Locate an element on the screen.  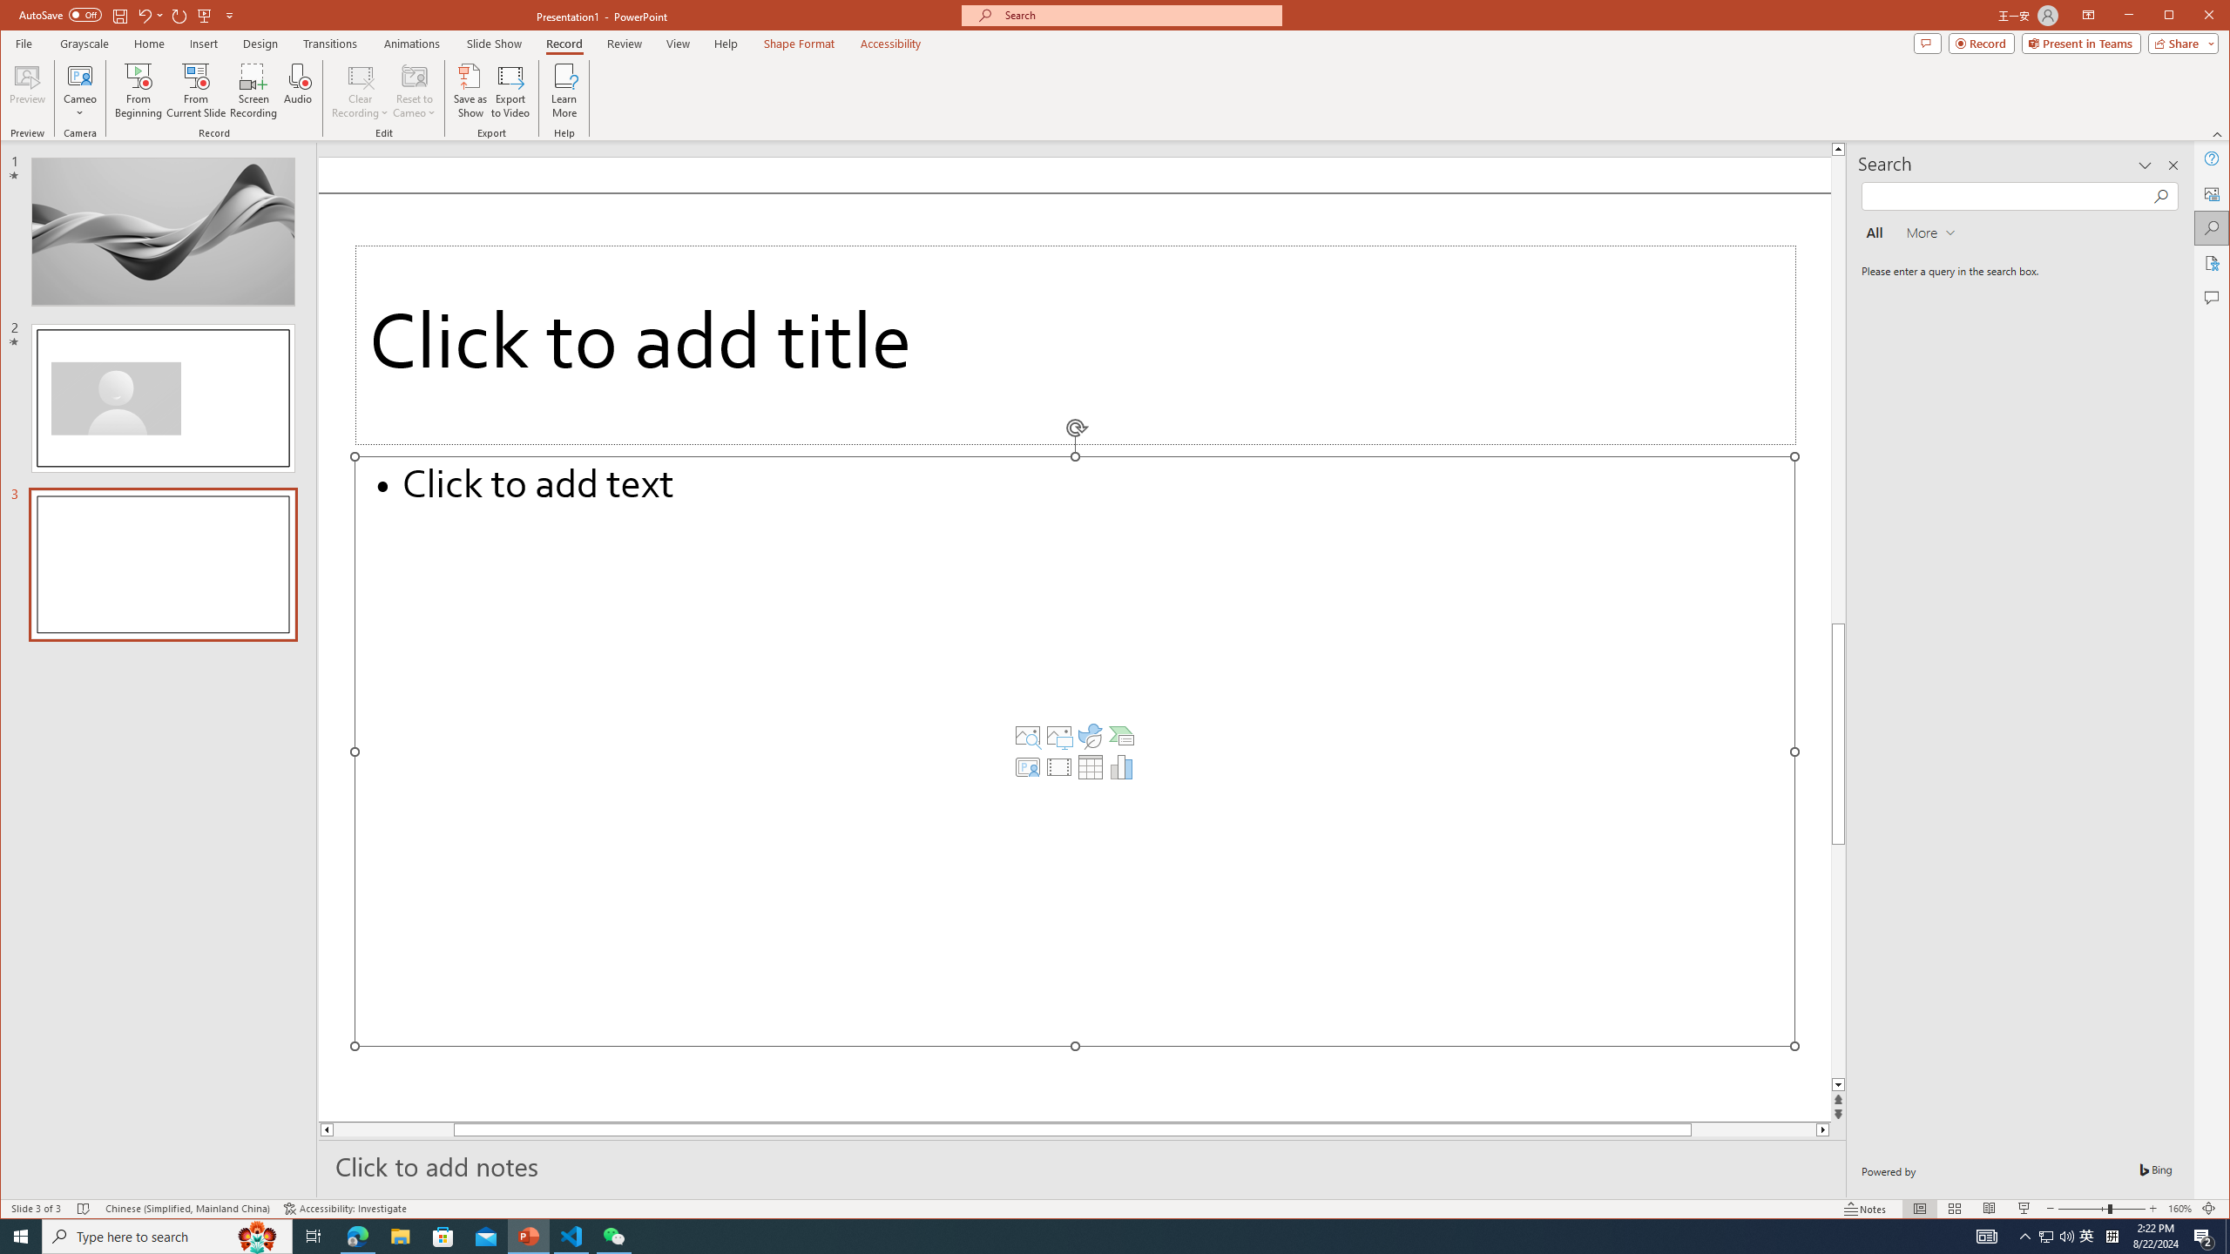
'Search highlights icon opens search home window' is located at coordinates (256, 1235).